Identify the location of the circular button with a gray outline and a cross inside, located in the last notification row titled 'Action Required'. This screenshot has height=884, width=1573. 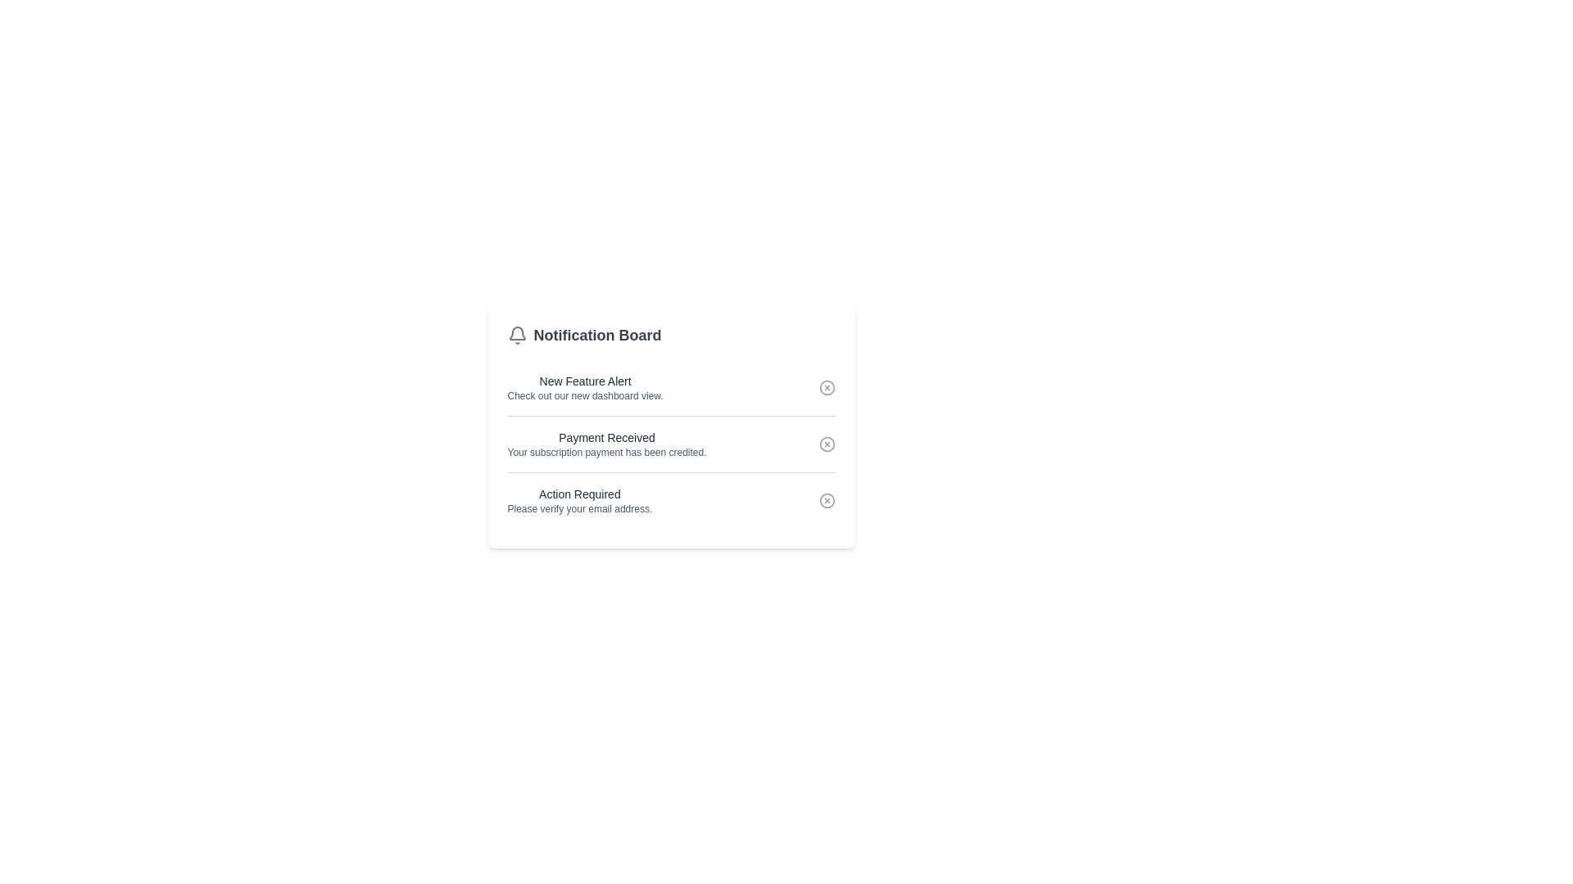
(827, 500).